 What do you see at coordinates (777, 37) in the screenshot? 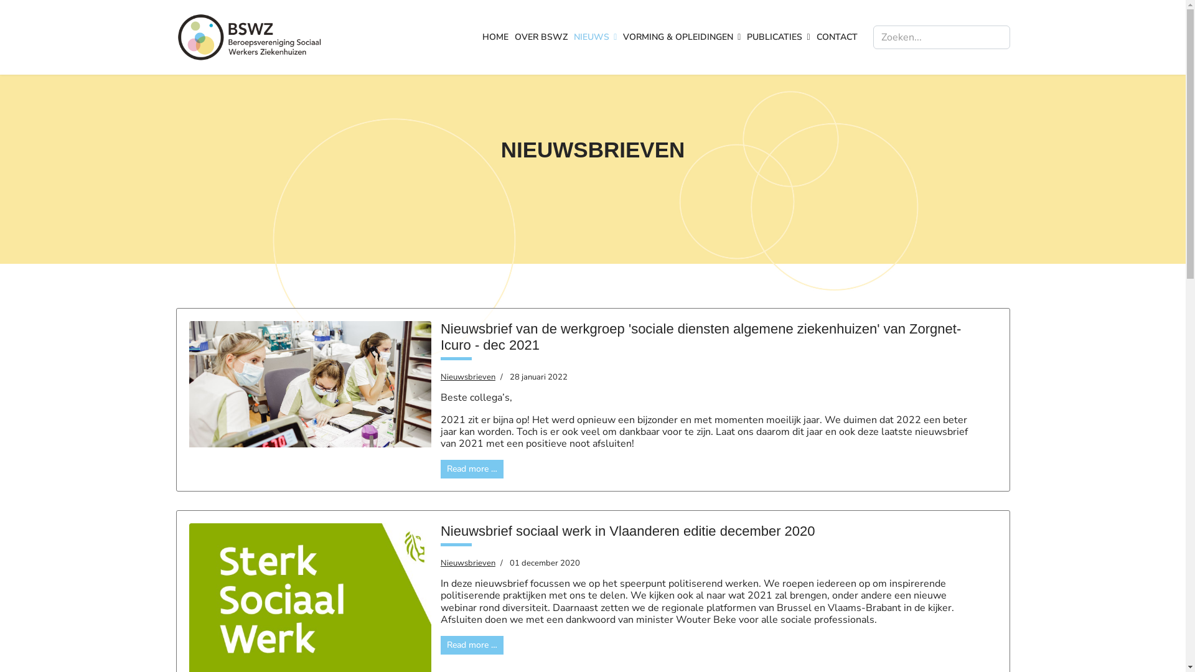
I see `'PUBLICATIES'` at bounding box center [777, 37].